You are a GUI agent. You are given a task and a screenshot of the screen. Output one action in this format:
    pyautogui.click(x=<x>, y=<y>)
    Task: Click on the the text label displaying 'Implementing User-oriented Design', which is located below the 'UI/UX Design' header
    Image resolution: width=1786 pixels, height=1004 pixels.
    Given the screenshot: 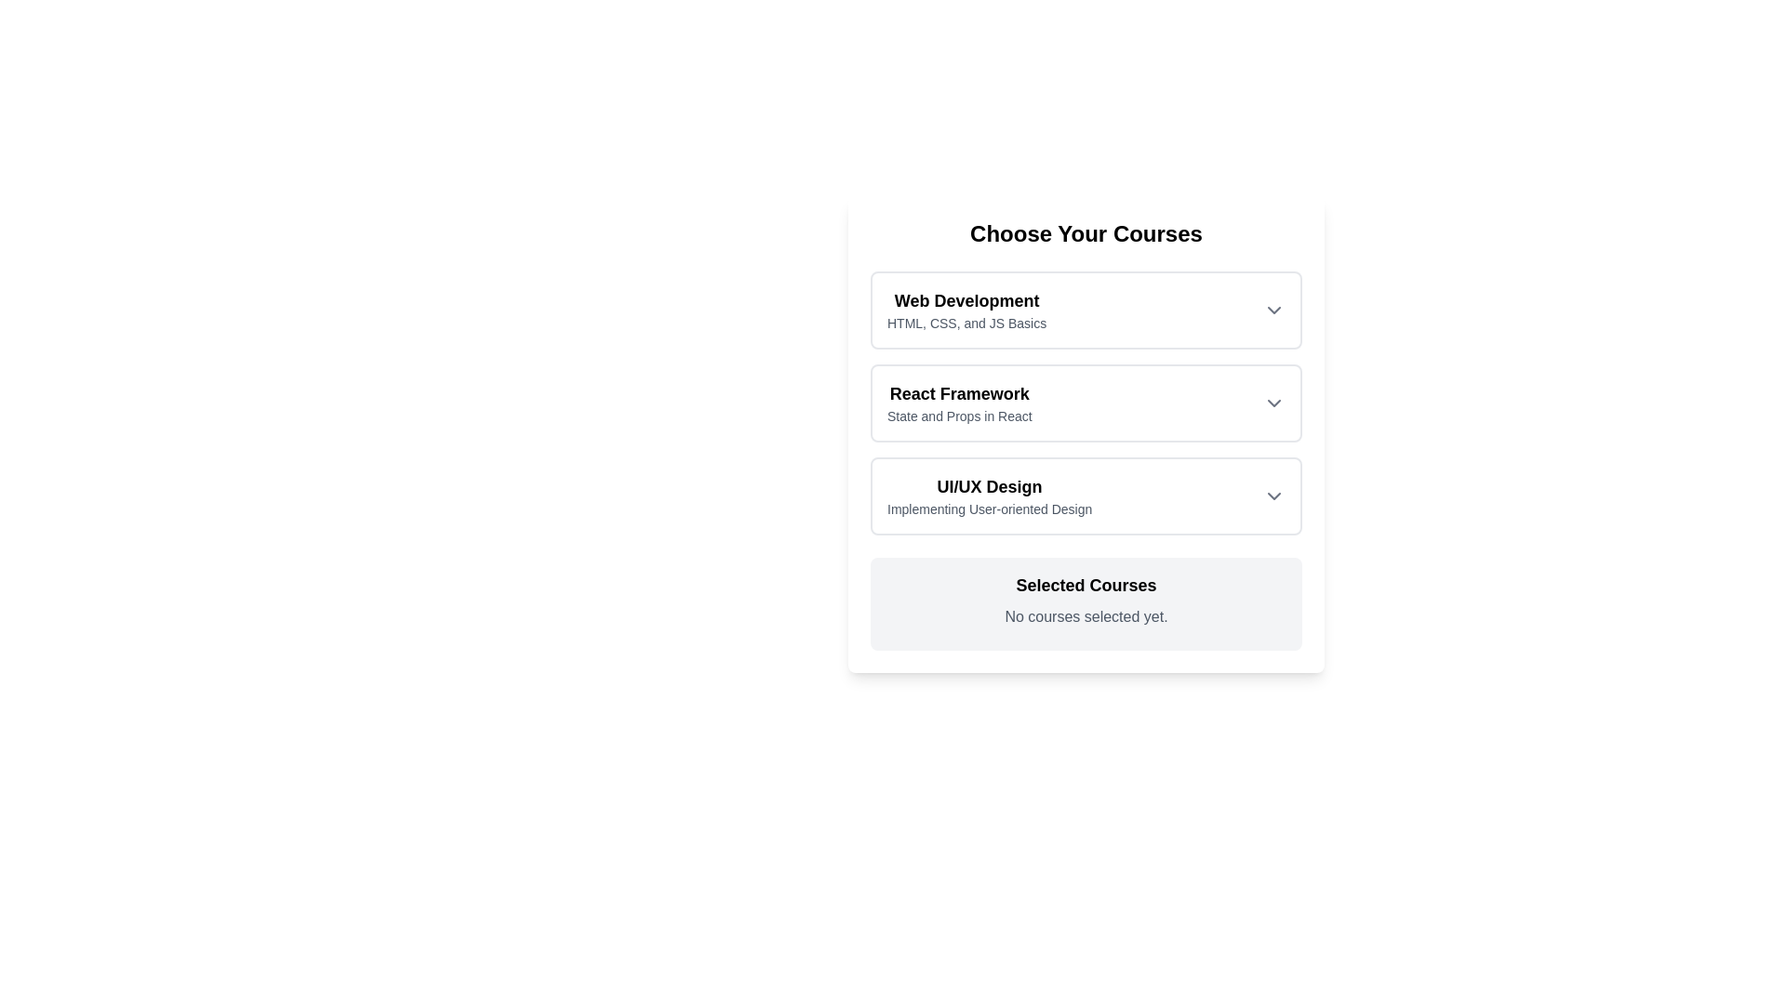 What is the action you would take?
    pyautogui.click(x=989, y=509)
    